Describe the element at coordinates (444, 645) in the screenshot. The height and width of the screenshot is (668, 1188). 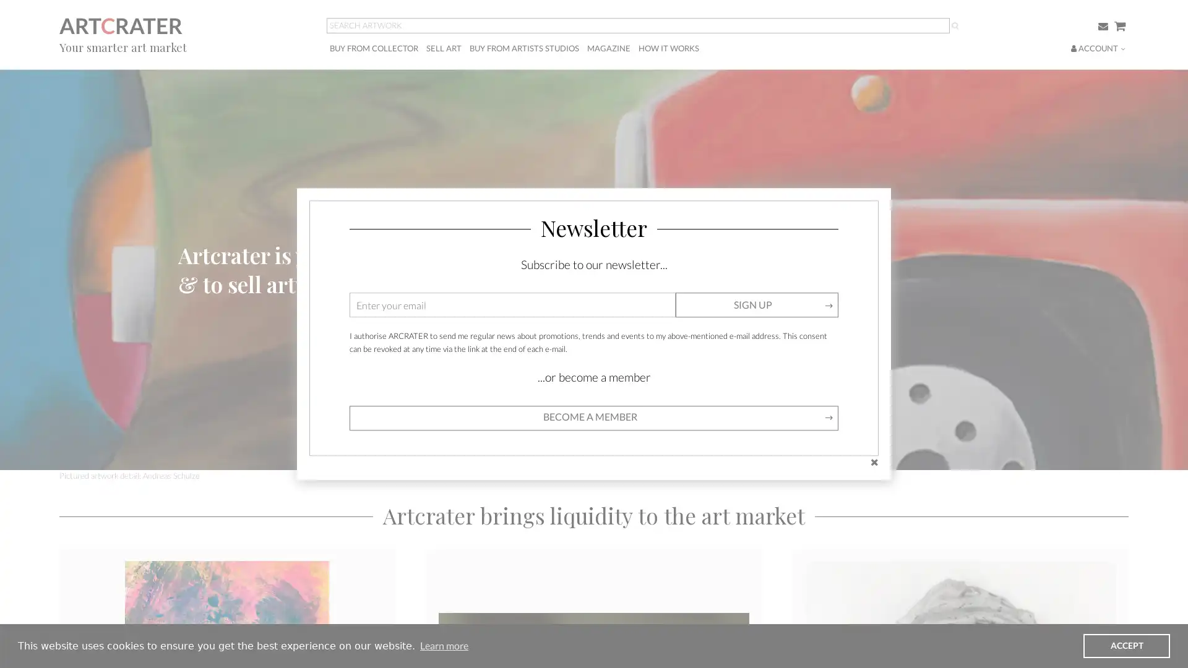
I see `learn more about cookies` at that location.